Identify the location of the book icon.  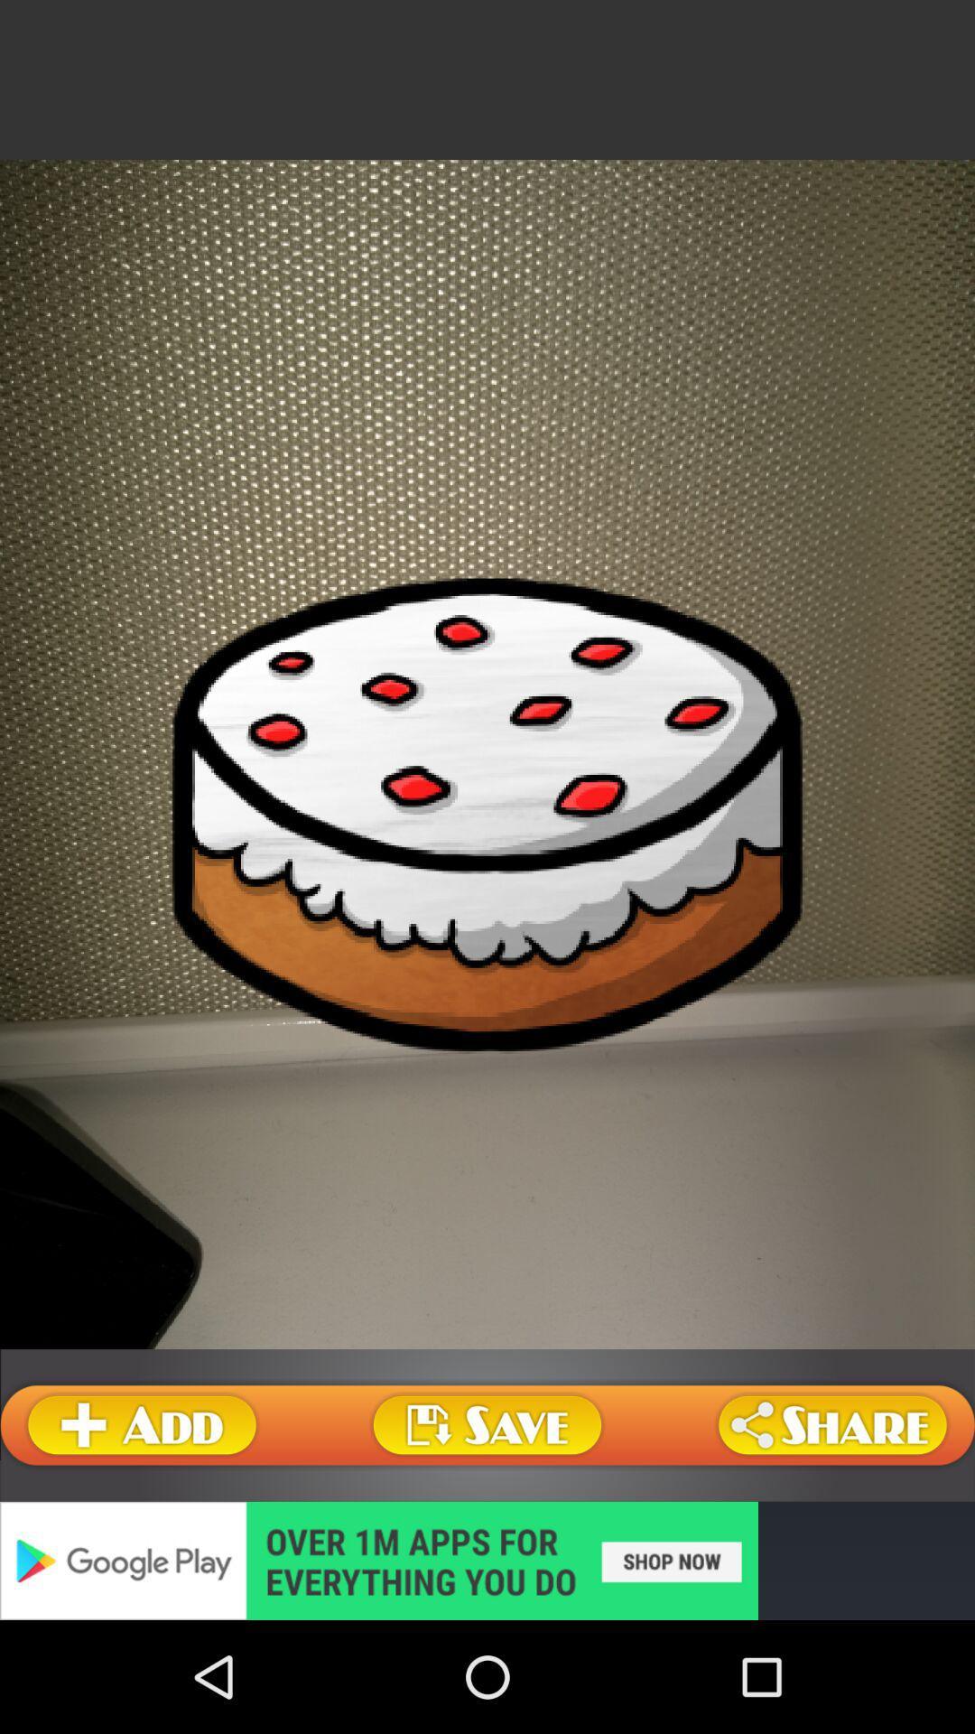
(129, 1524).